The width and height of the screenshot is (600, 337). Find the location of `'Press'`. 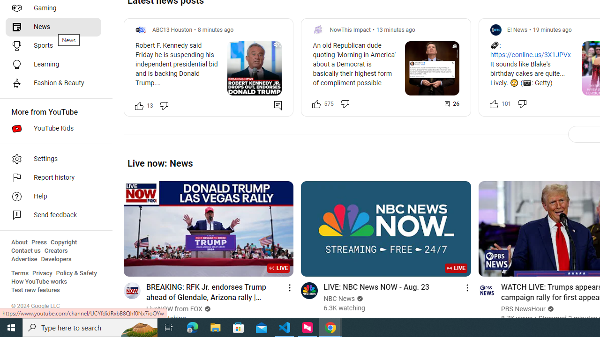

'Press' is located at coordinates (38, 242).